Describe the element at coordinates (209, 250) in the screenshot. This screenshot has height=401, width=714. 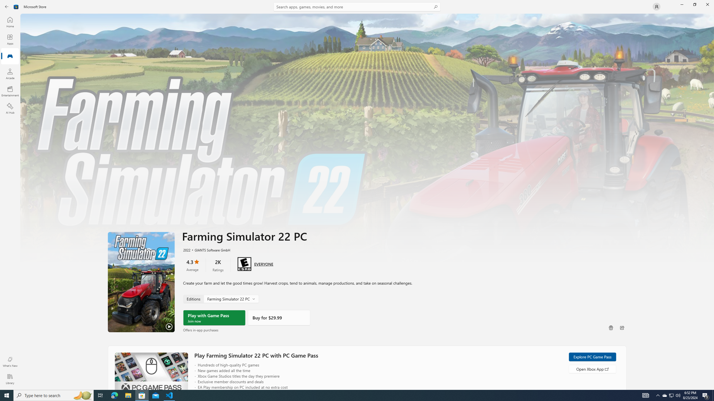
I see `'GIANTS Software GmbH'` at that location.